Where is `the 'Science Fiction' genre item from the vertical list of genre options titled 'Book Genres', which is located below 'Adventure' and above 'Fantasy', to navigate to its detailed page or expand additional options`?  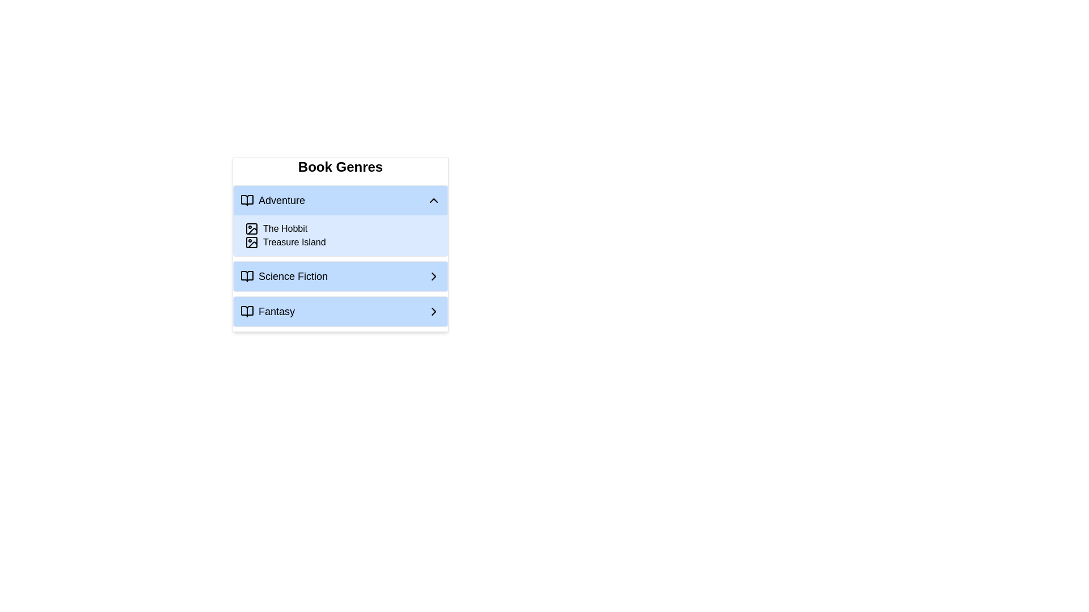
the 'Science Fiction' genre item from the vertical list of genre options titled 'Book Genres', which is located below 'Adventure' and above 'Fantasy', to navigate to its detailed page or expand additional options is located at coordinates (340, 277).